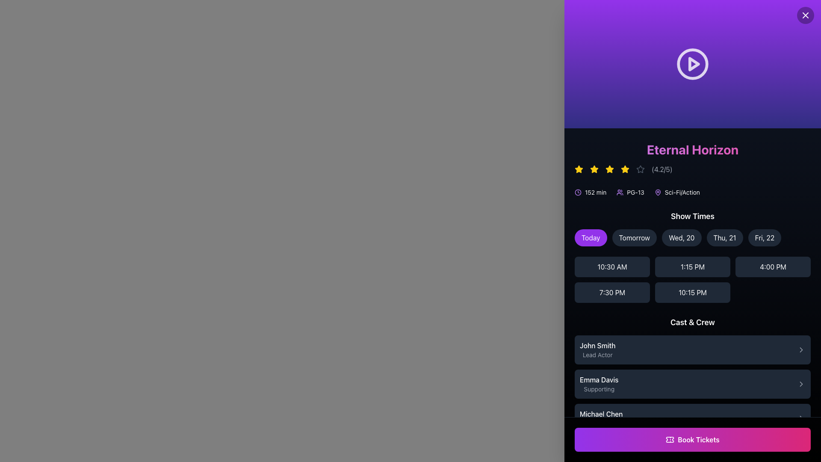 Image resolution: width=821 pixels, height=462 pixels. I want to click on the play icon, which is a white triangle inside a circular border, so click(694, 64).